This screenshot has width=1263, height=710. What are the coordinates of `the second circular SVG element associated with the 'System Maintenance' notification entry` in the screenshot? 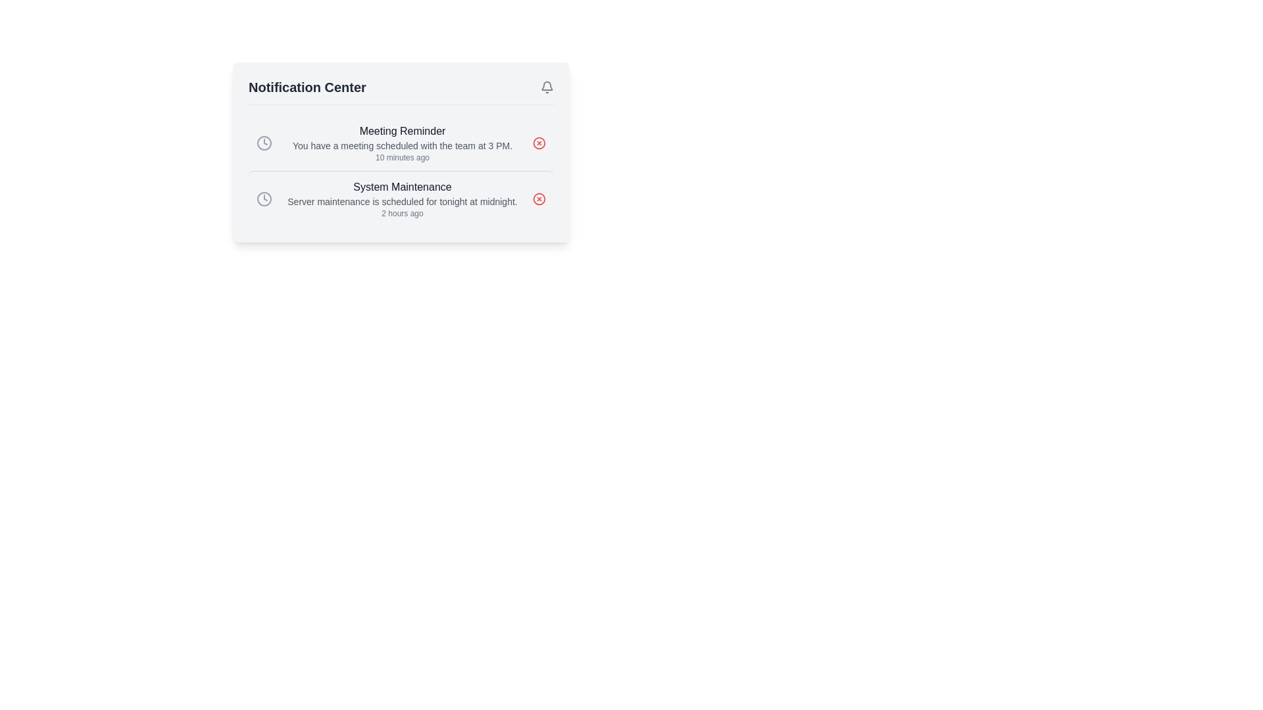 It's located at (539, 199).